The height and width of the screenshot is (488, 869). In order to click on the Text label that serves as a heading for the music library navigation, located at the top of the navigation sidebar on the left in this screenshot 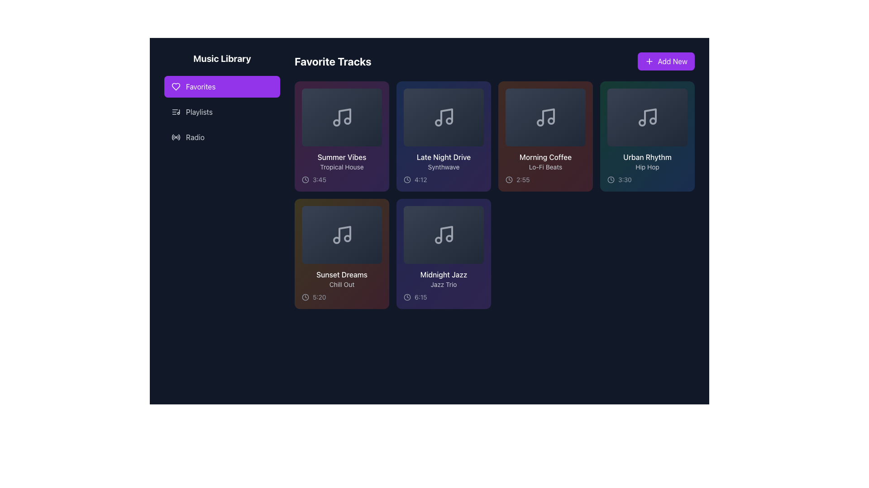, I will do `click(222, 59)`.